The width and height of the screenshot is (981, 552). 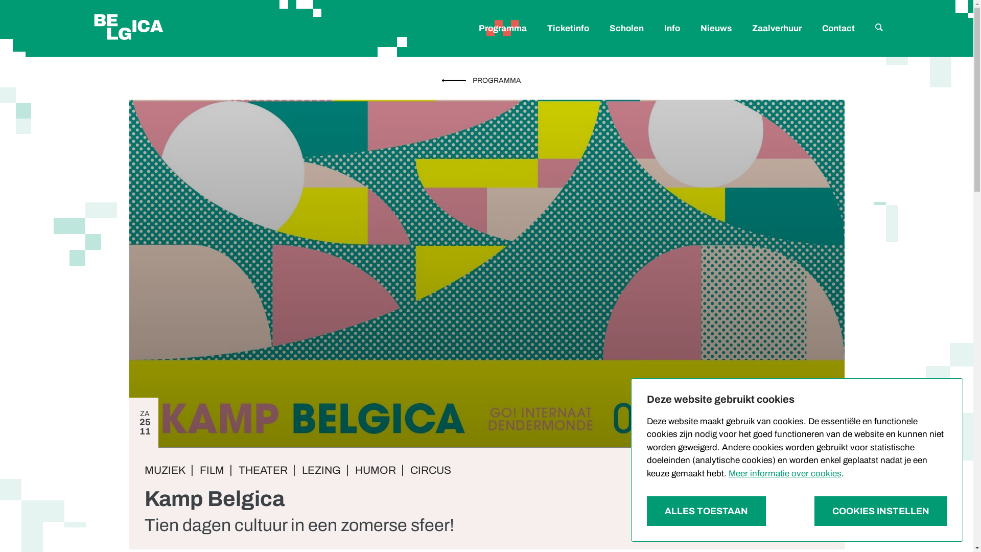 I want to click on 'CIRCUS', so click(x=430, y=470).